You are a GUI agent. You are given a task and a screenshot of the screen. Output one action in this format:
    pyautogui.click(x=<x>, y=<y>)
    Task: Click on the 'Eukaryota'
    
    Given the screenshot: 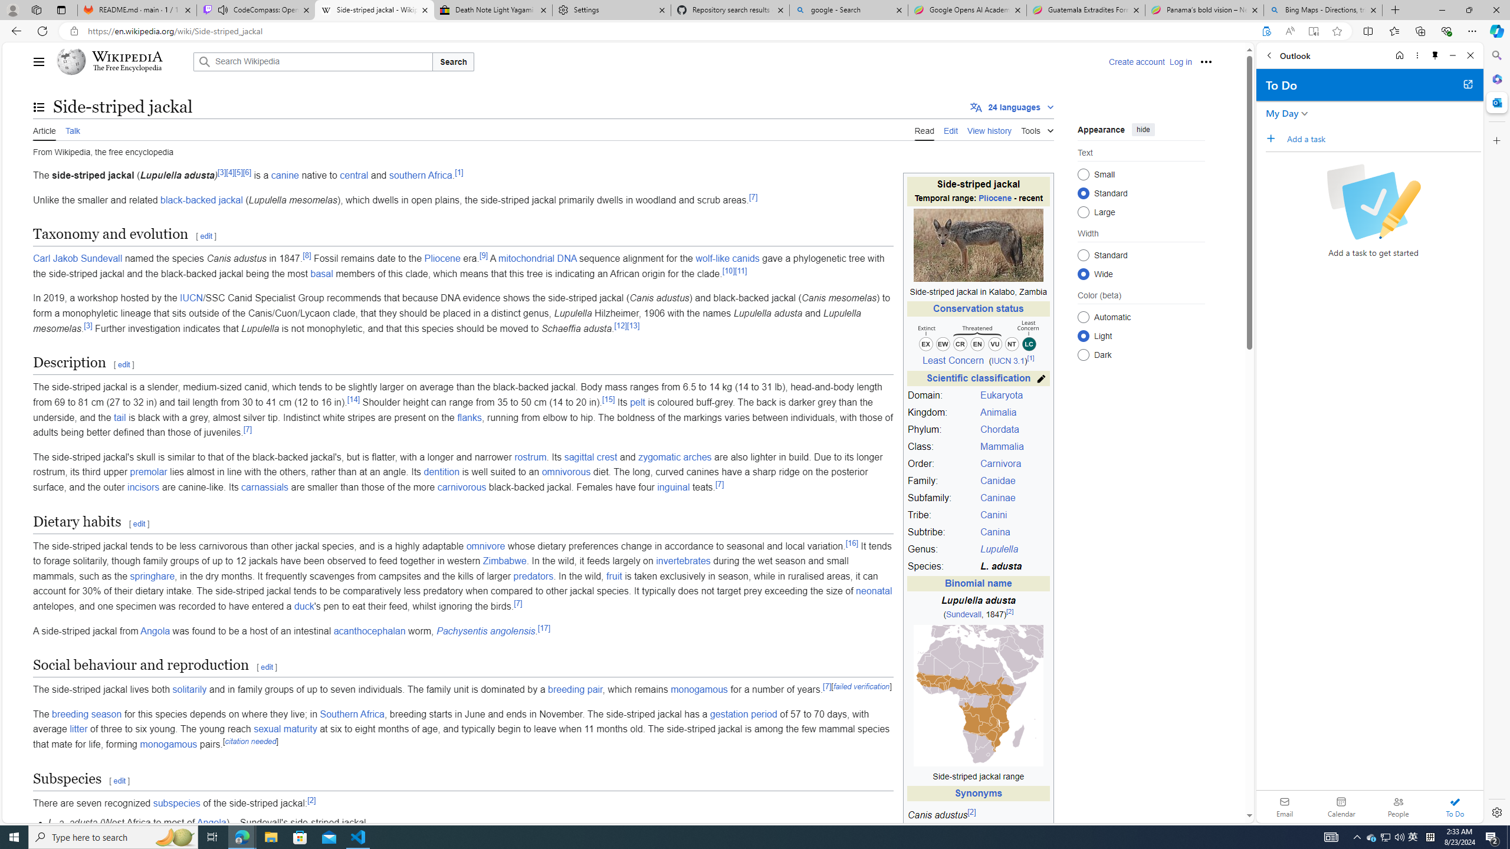 What is the action you would take?
    pyautogui.click(x=1001, y=395)
    